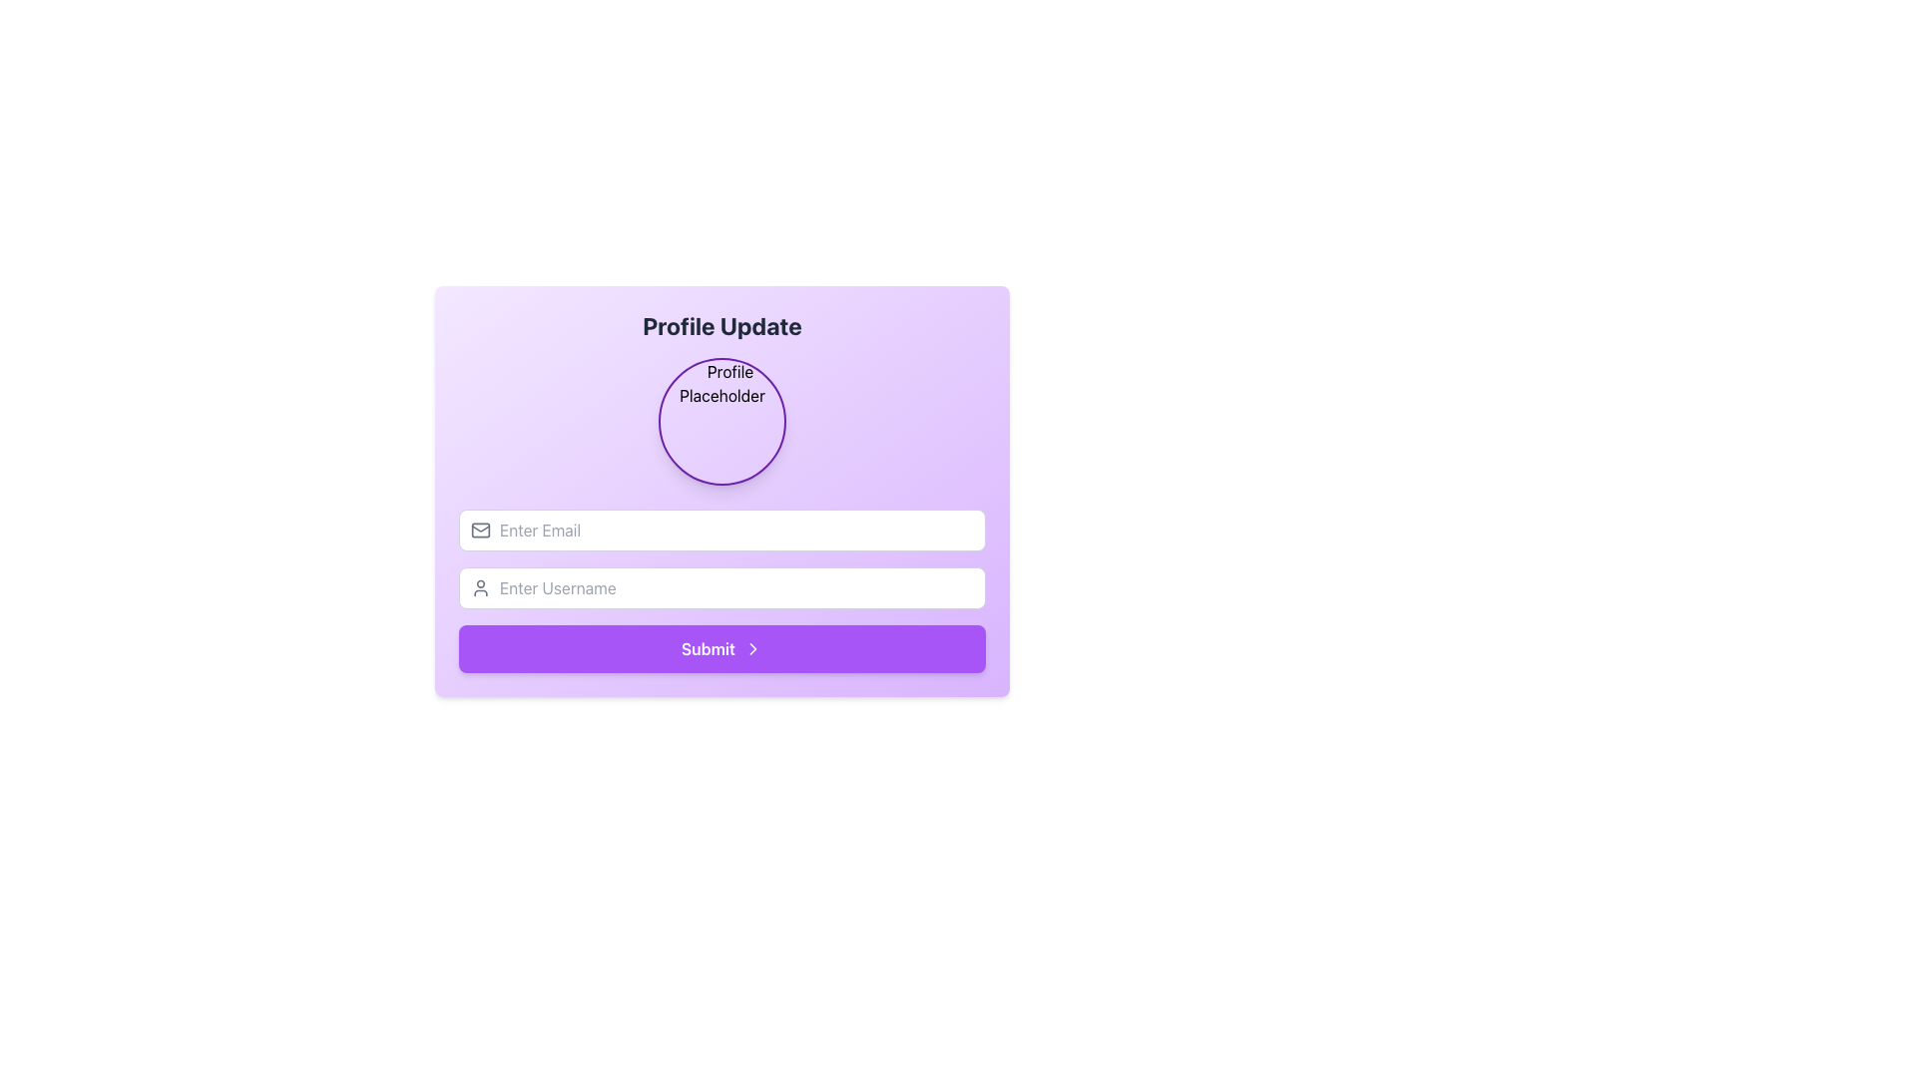  What do you see at coordinates (751, 649) in the screenshot?
I see `the right-pointing chevron icon located at the lower right side of the 'Submit' button to initiate navigation` at bounding box center [751, 649].